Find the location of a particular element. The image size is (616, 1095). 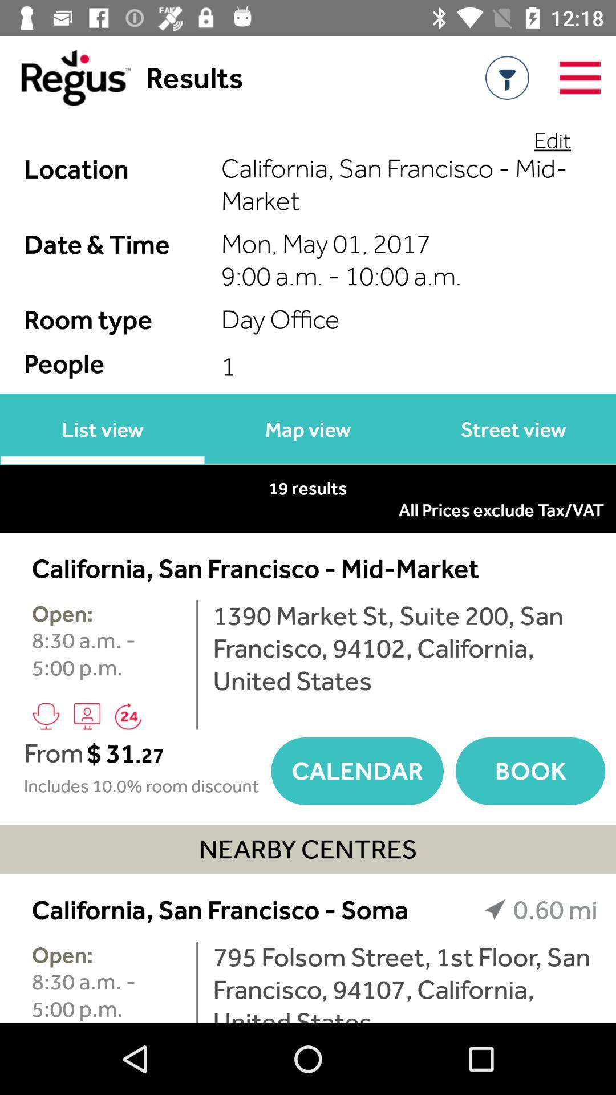

item next to results item is located at coordinates (65, 77).